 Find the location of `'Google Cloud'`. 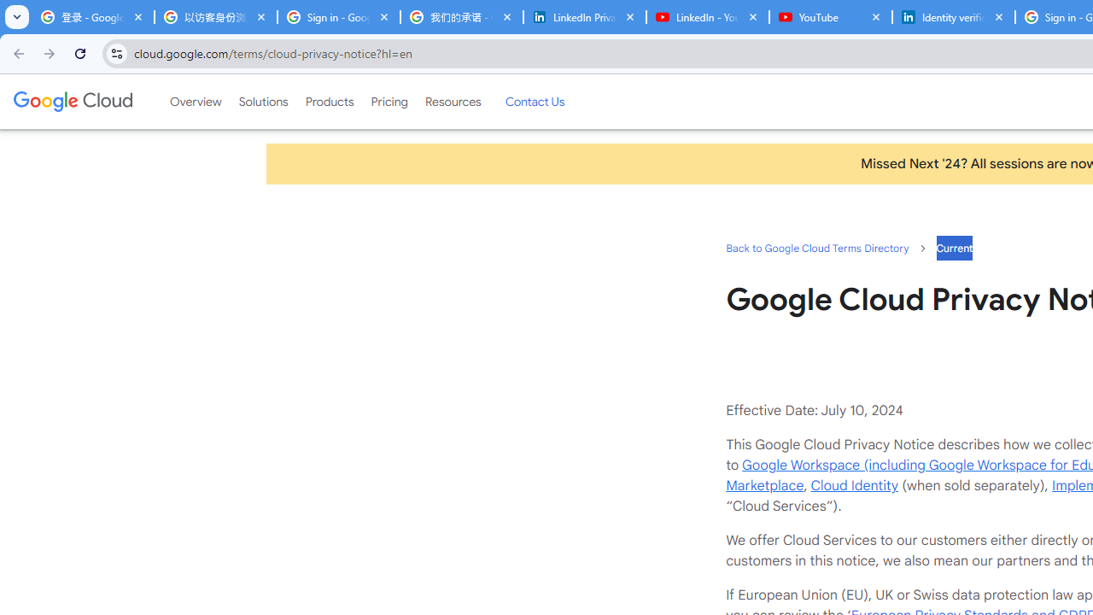

'Google Cloud' is located at coordinates (72, 102).